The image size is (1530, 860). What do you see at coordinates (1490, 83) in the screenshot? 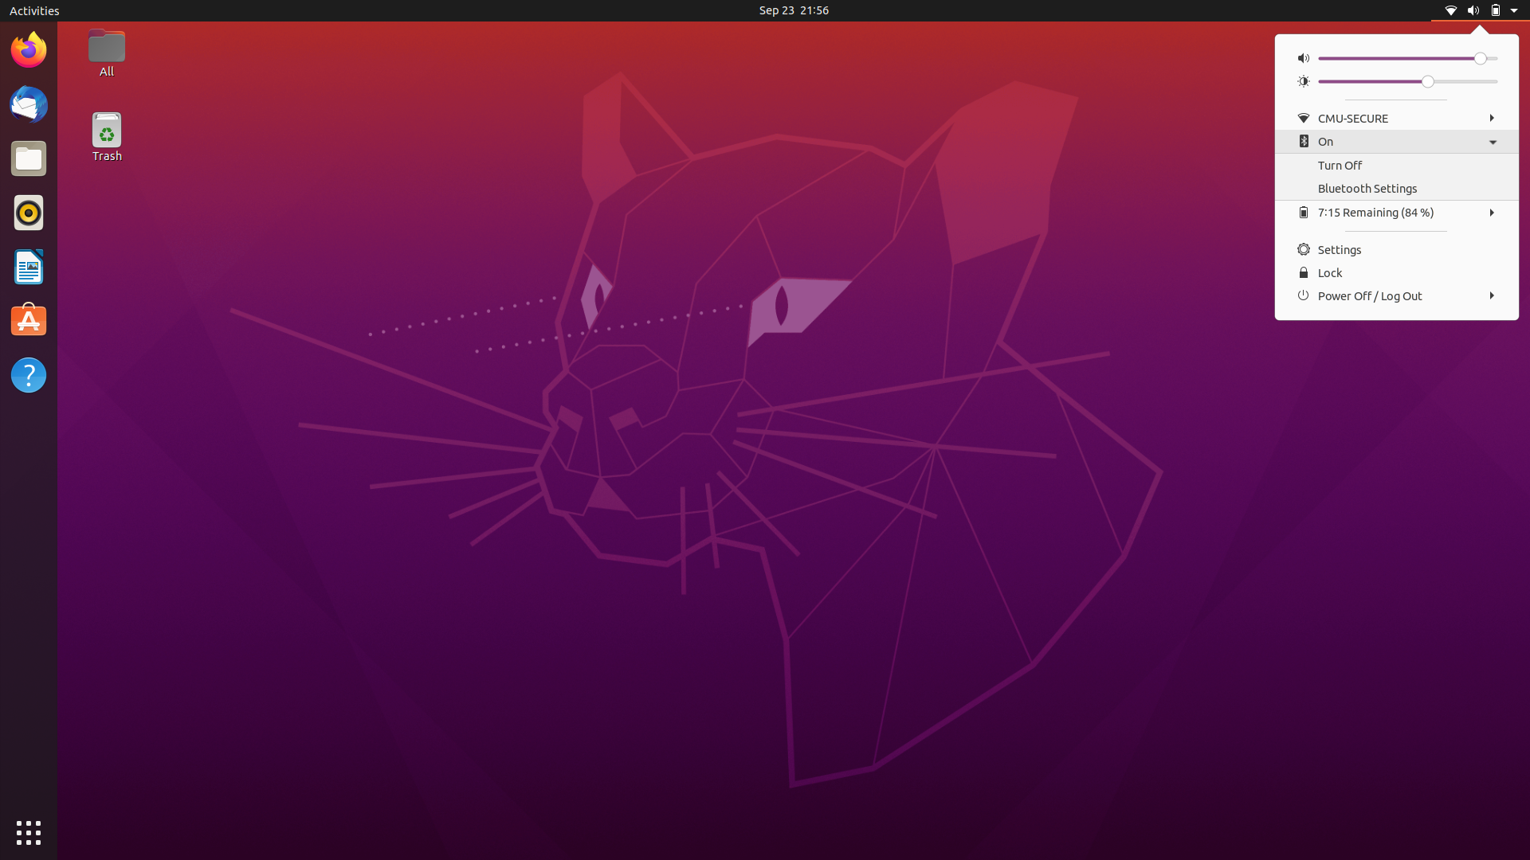
I see `Raise Brightness Level` at bounding box center [1490, 83].